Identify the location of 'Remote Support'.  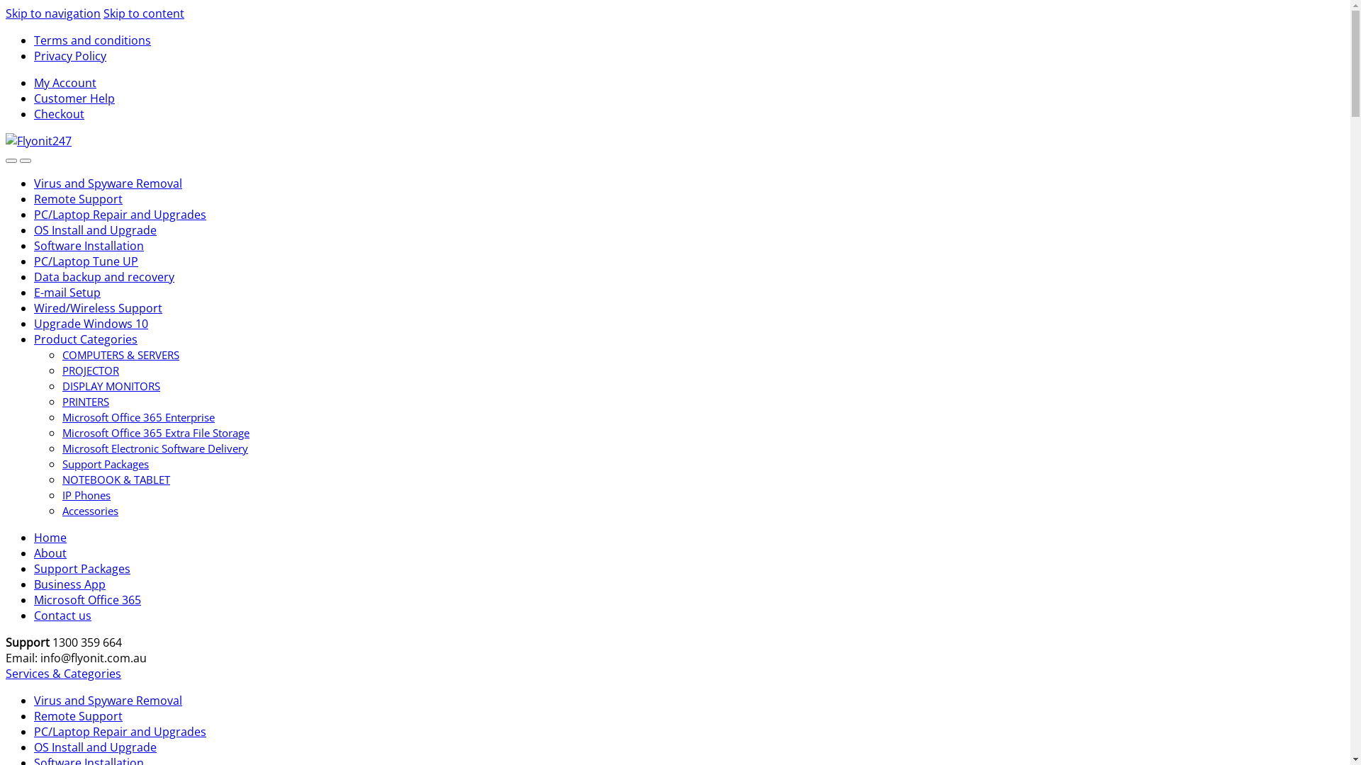
(77, 715).